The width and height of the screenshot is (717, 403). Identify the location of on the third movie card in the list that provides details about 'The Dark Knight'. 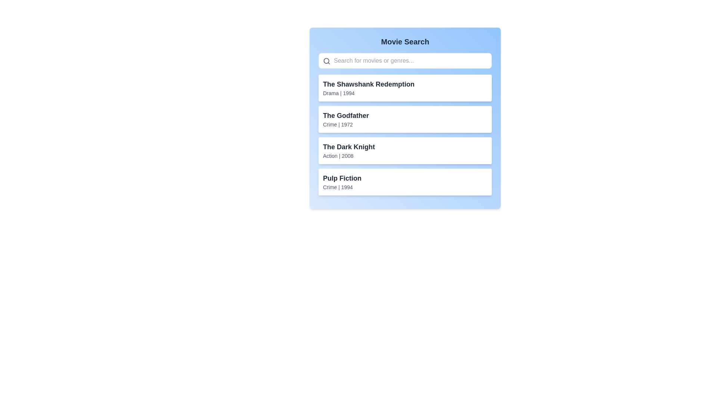
(404, 151).